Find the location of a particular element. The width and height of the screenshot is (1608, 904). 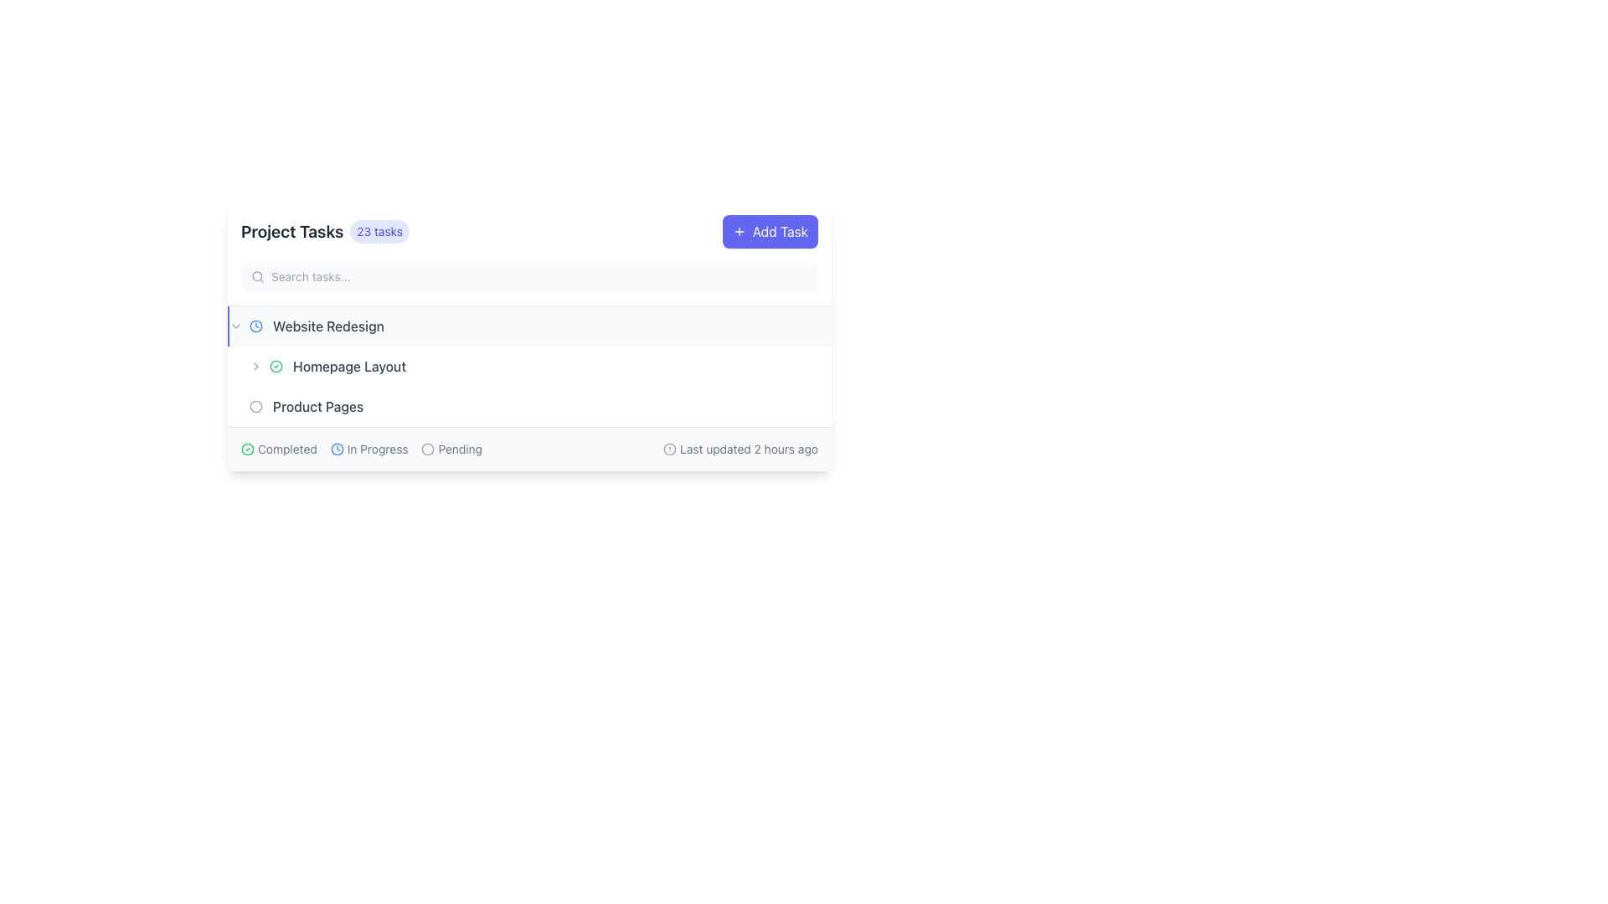

the pending state icon located to the immediate left of the 'Pending' label in the status-indicative section of the interface is located at coordinates (428, 448).